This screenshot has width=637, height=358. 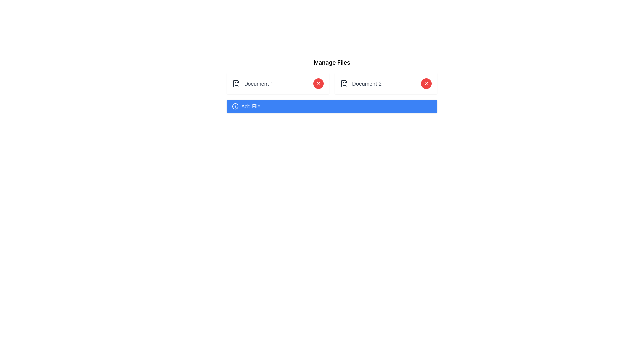 What do you see at coordinates (318, 83) in the screenshot?
I see `the 'X' icon in the red circular button located at the end of the panel labeled 'Document 2'` at bounding box center [318, 83].